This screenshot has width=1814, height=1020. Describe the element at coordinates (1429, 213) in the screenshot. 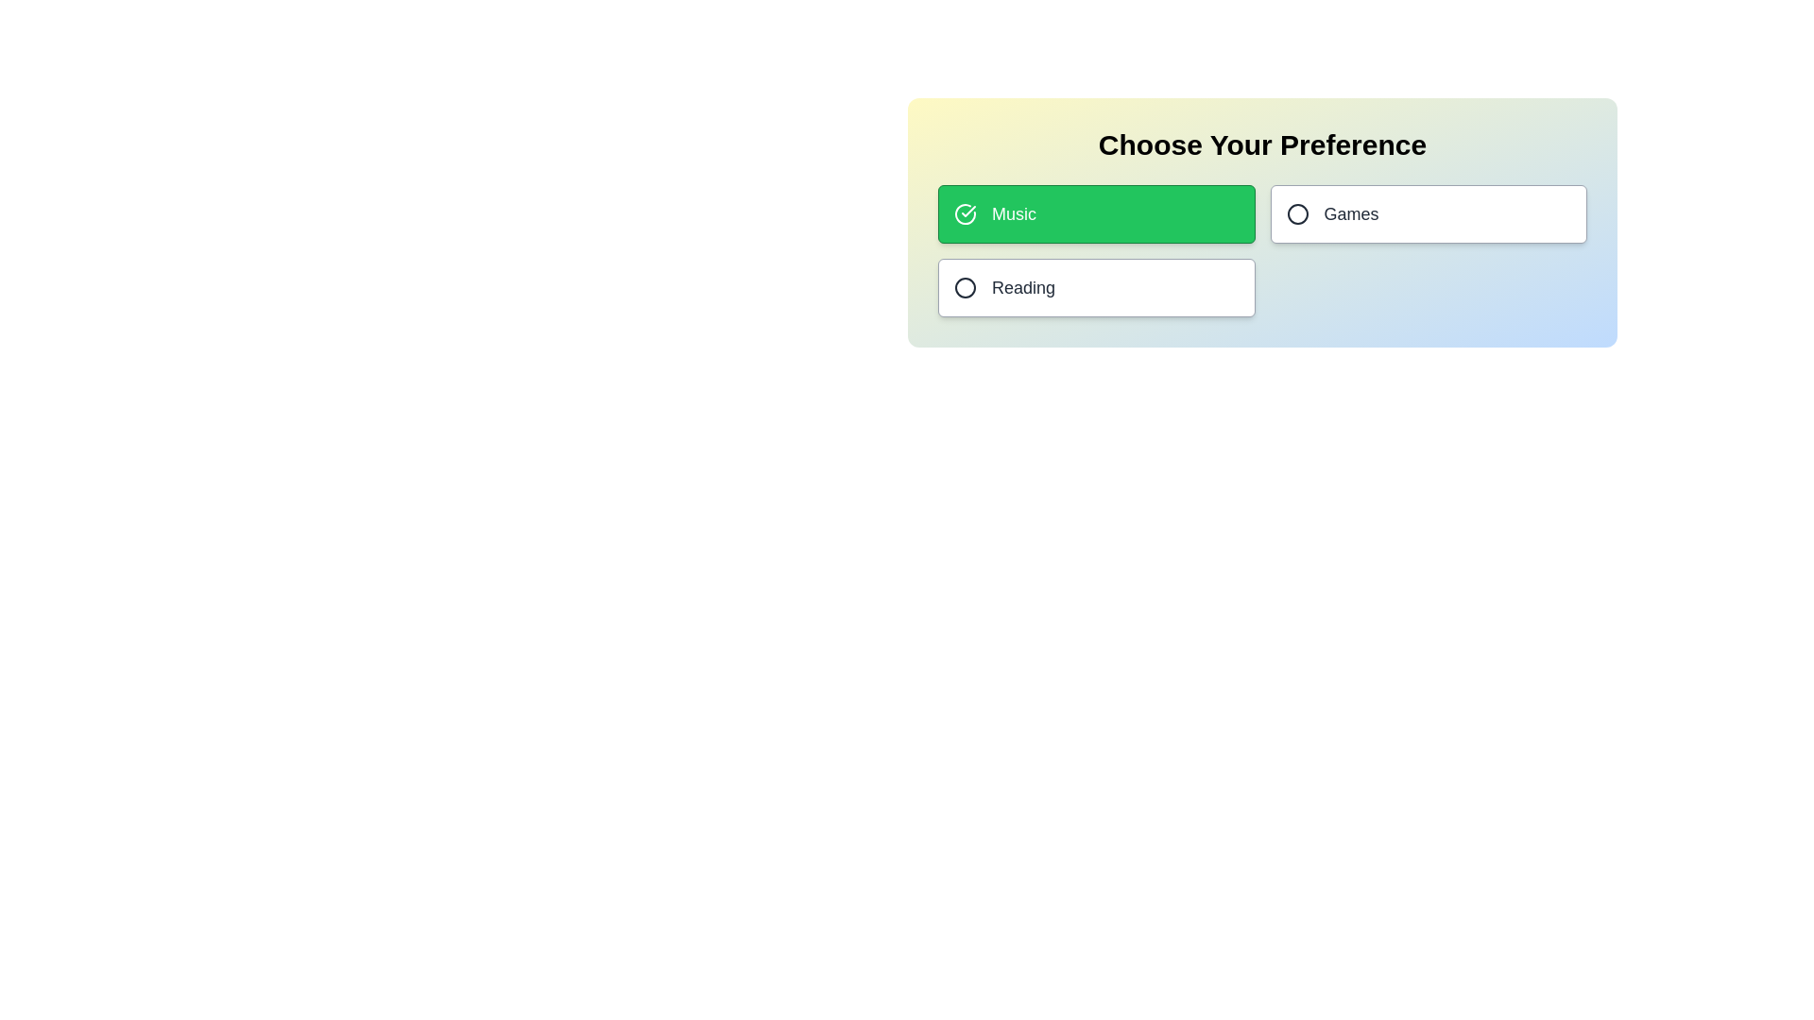

I see `the 'Games' selectable button, which is a rectangular button with rounded corners, a white background, and a gray border, located in the middle column of the three-item horizontal list` at that location.